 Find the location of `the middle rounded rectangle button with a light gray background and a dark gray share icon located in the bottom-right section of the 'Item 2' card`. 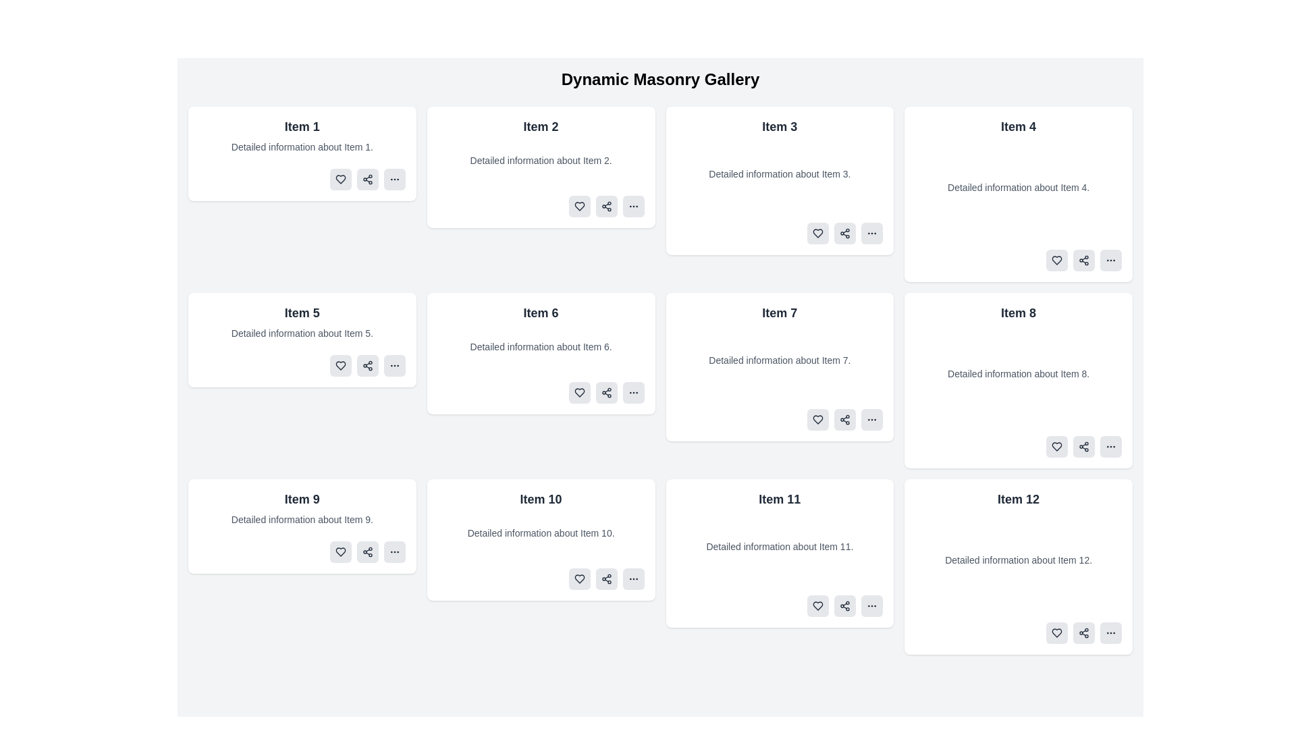

the middle rounded rectangle button with a light gray background and a dark gray share icon located in the bottom-right section of the 'Item 2' card is located at coordinates (605, 206).